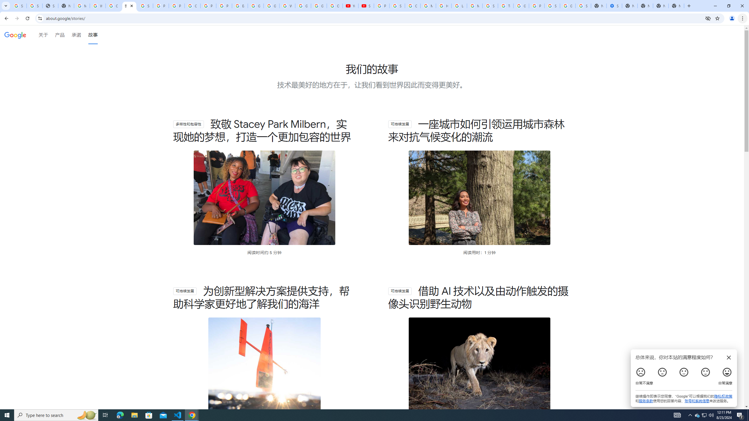 The width and height of the screenshot is (749, 421). Describe the element at coordinates (568, 6) in the screenshot. I see `'Google Cybersecurity Innovations - Google Safety Center'` at that location.